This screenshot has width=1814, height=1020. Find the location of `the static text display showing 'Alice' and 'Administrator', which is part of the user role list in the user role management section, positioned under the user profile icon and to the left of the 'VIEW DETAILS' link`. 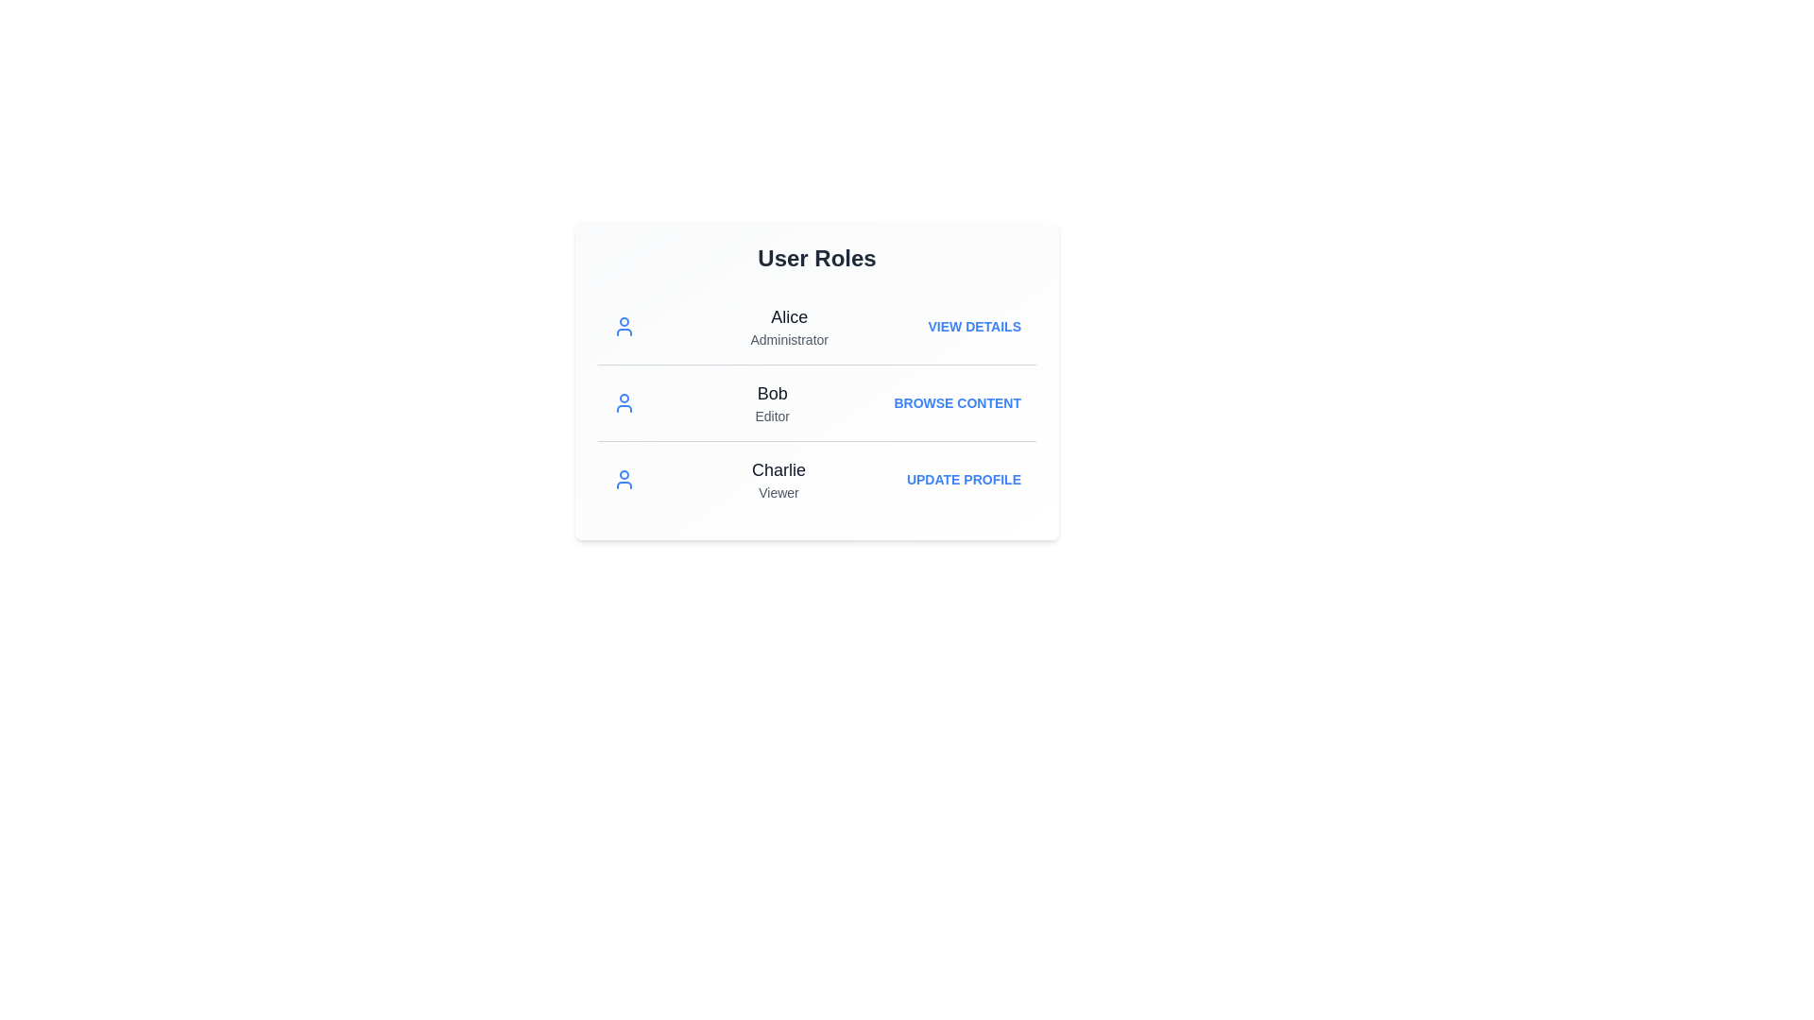

the static text display showing 'Alice' and 'Administrator', which is part of the user role list in the user role management section, positioned under the user profile icon and to the left of the 'VIEW DETAILS' link is located at coordinates (789, 326).